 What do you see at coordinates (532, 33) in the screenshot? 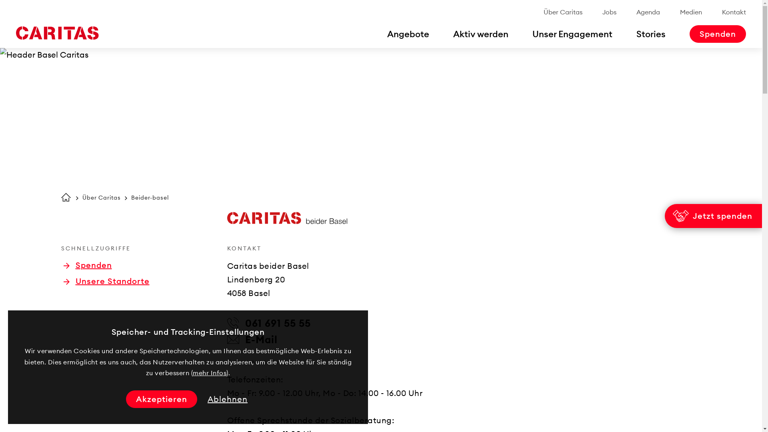
I see `'Unser Engagement'` at bounding box center [532, 33].